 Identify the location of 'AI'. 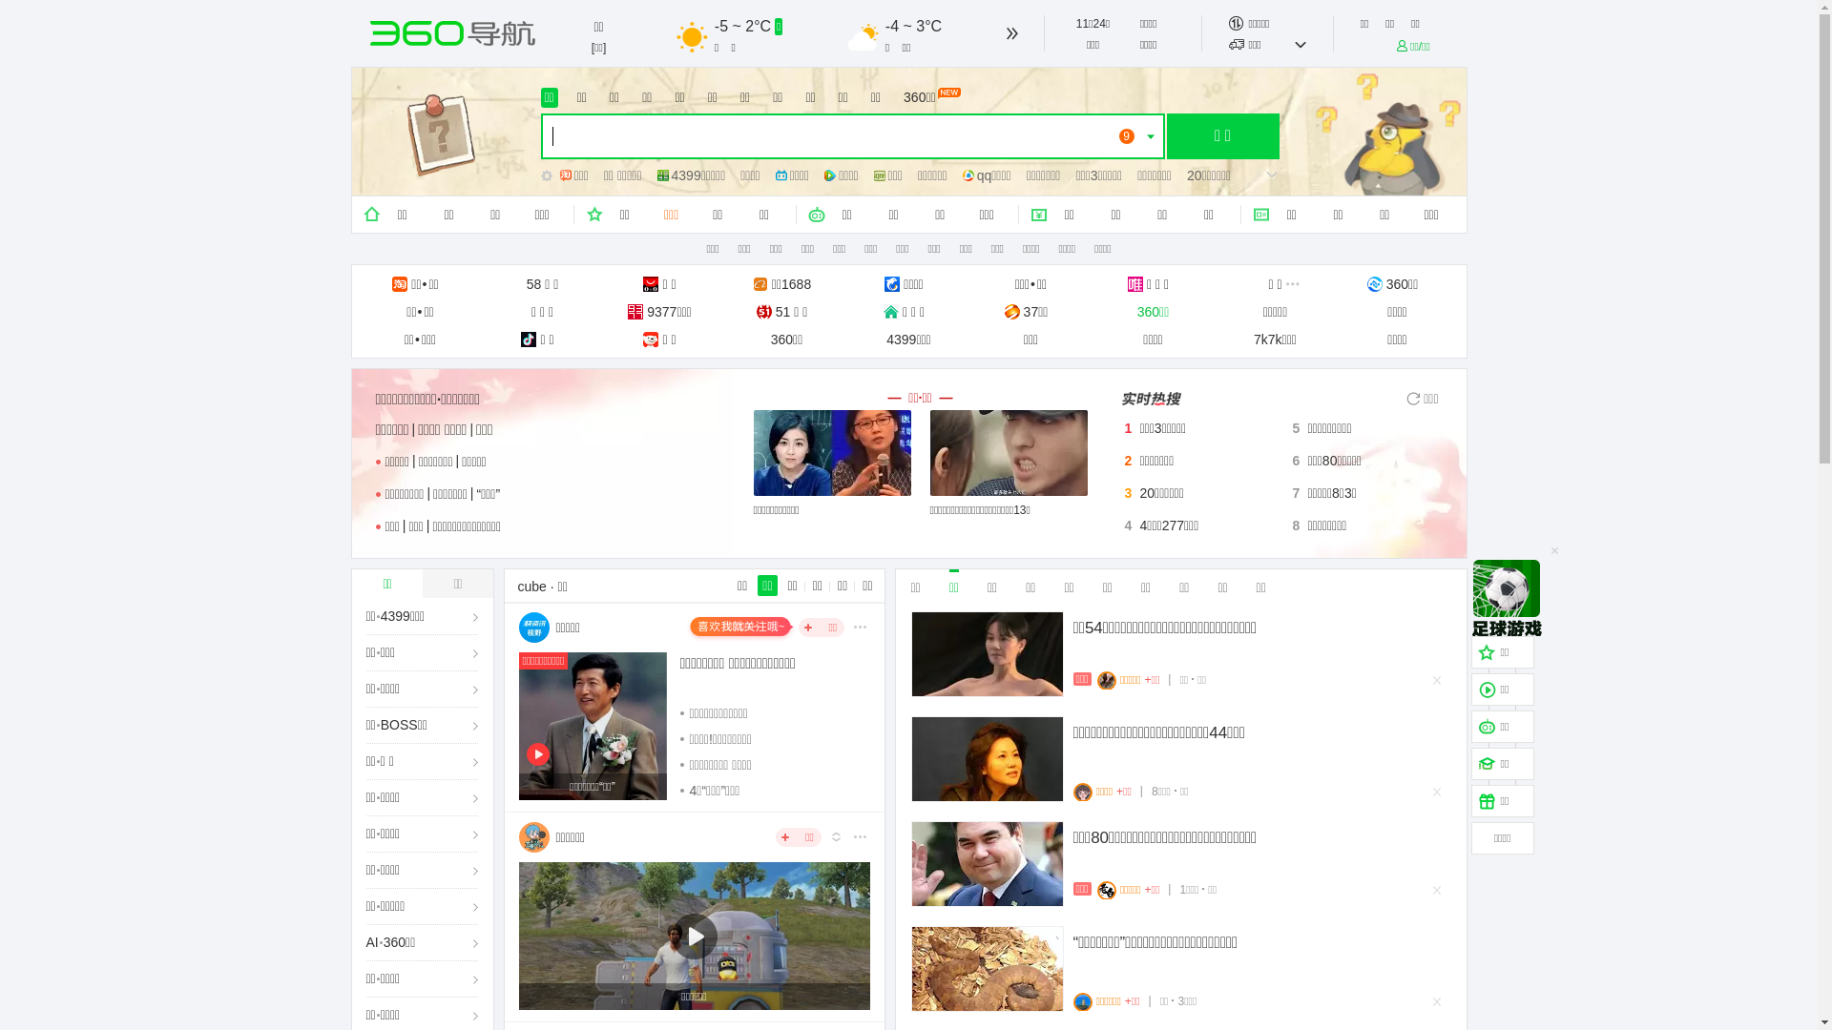
(366, 940).